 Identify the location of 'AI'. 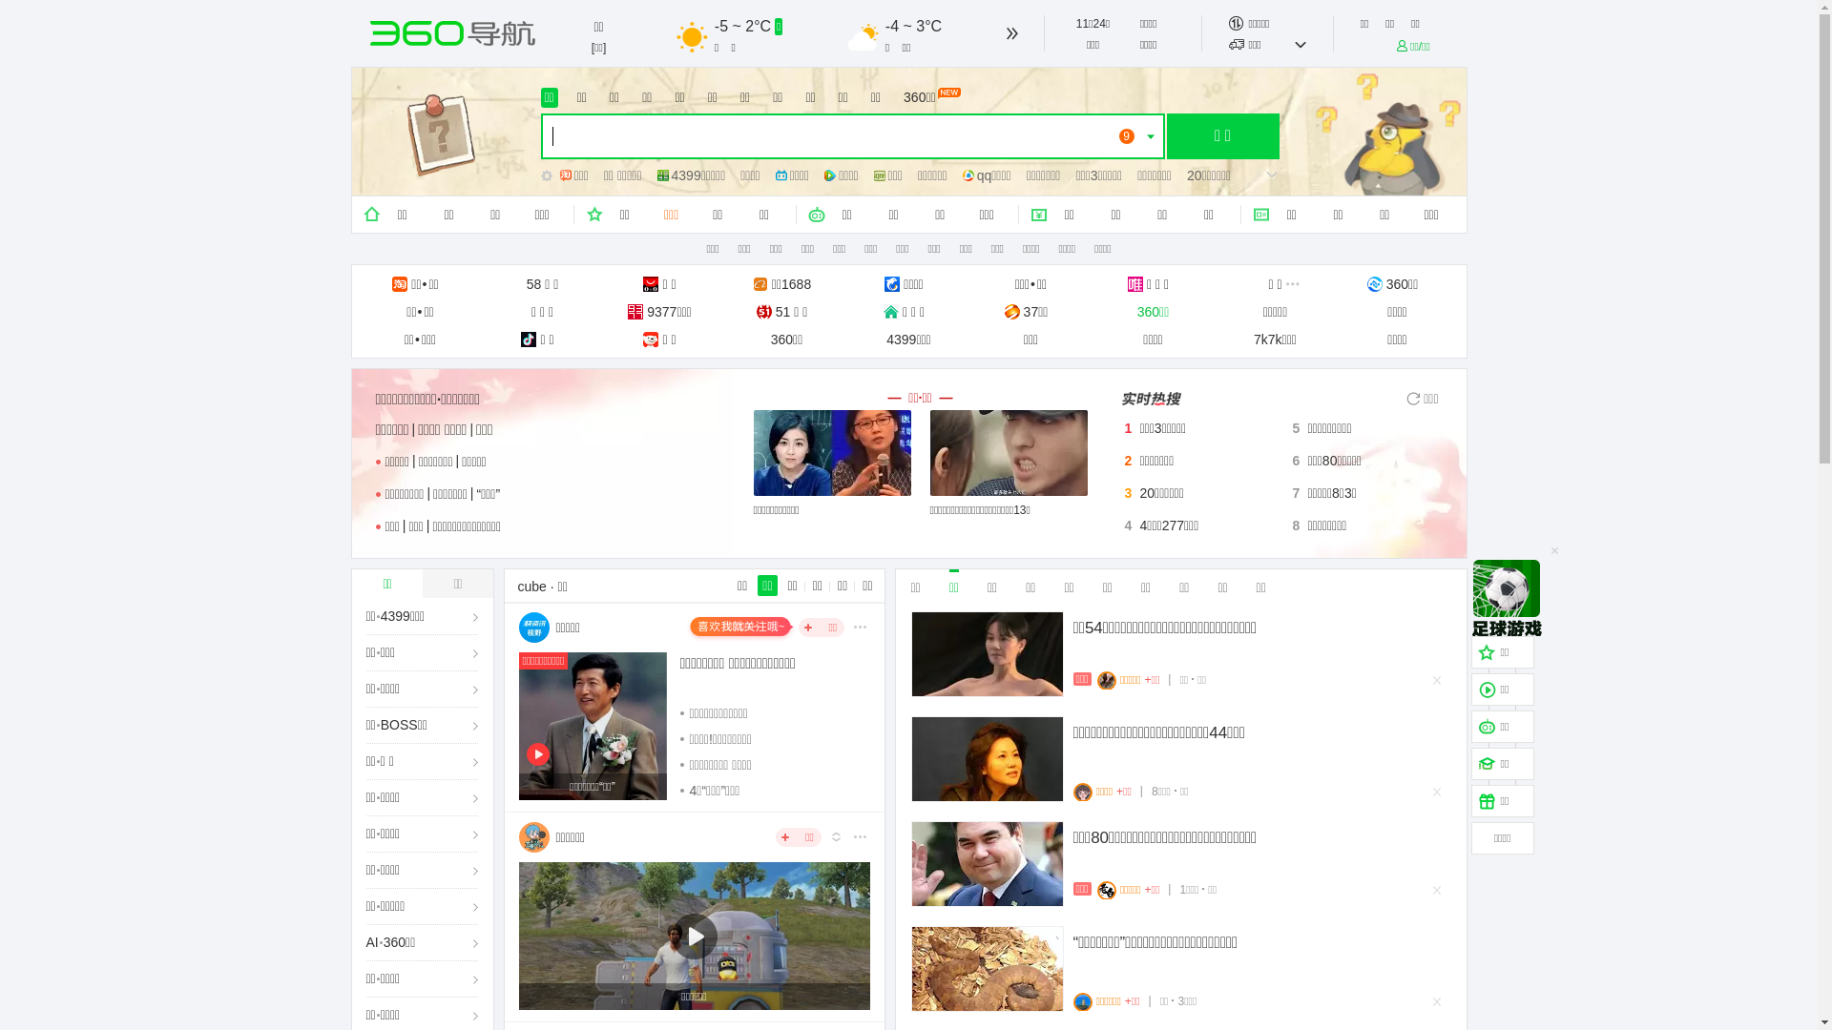
(366, 940).